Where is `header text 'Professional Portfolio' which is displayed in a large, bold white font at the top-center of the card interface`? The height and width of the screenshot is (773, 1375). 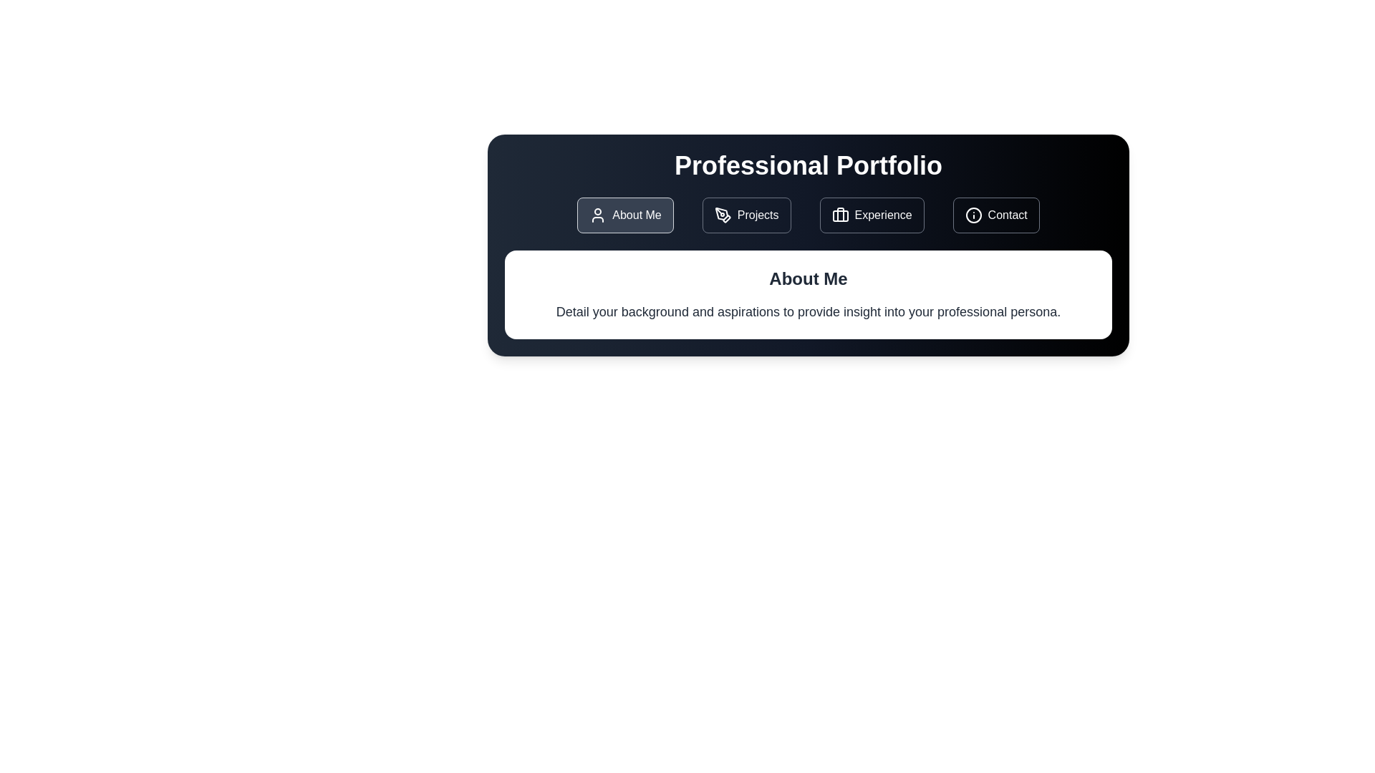
header text 'Professional Portfolio' which is displayed in a large, bold white font at the top-center of the card interface is located at coordinates (808, 165).